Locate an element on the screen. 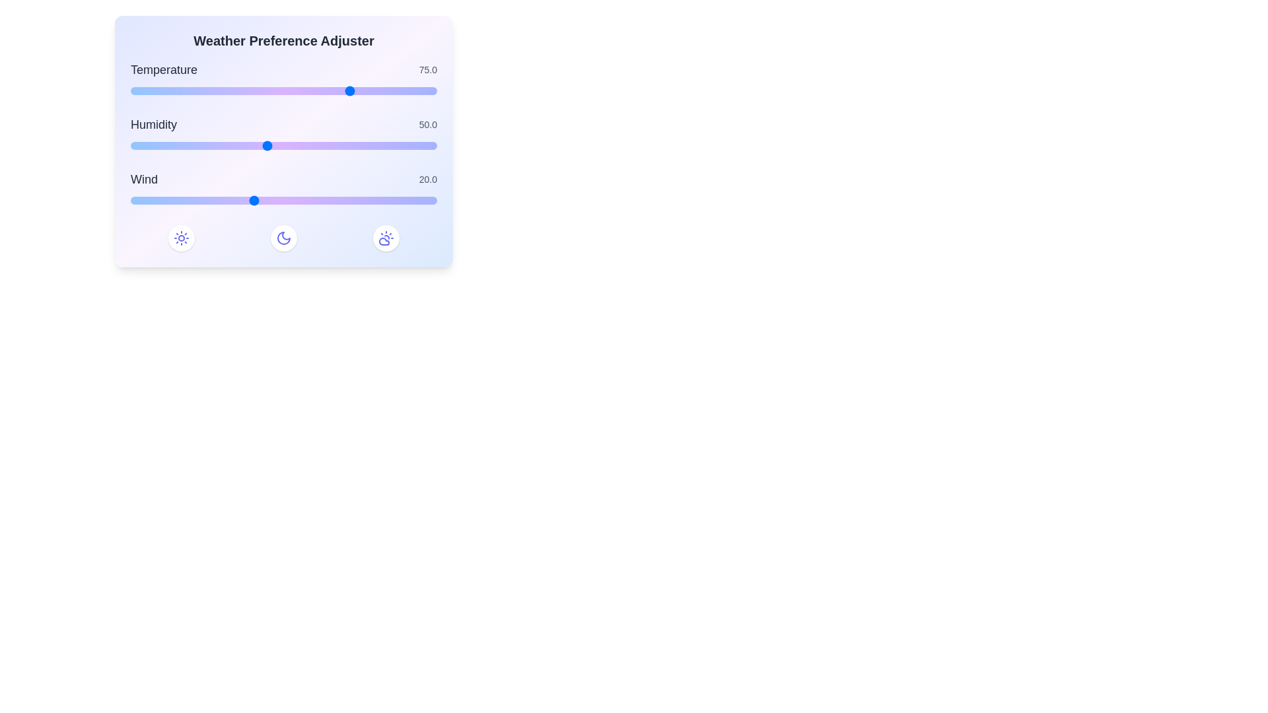 Image resolution: width=1268 pixels, height=713 pixels. the humidity value is located at coordinates (423, 145).